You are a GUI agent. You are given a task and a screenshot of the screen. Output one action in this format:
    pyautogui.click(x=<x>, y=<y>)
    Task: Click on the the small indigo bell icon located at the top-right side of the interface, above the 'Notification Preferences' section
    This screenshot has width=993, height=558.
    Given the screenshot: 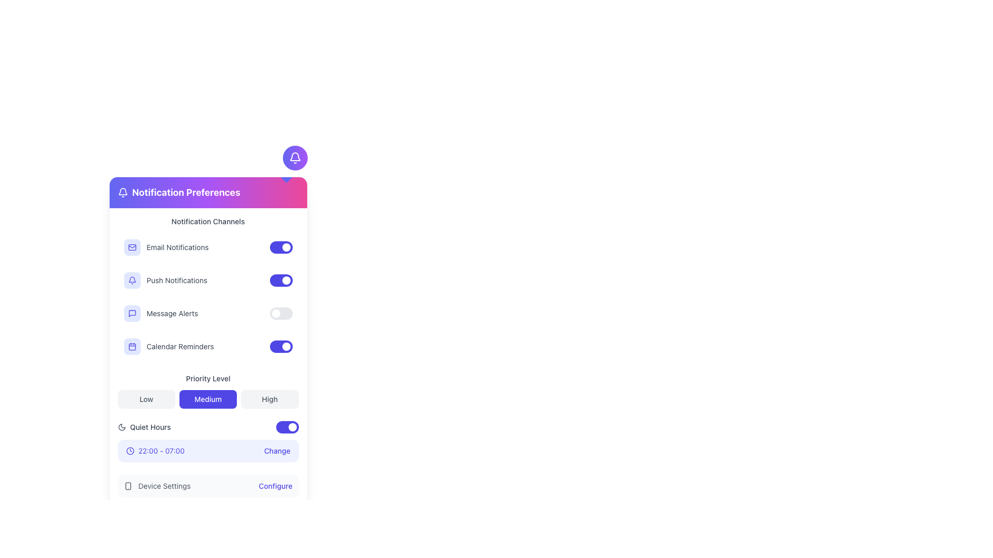 What is the action you would take?
    pyautogui.click(x=131, y=281)
    